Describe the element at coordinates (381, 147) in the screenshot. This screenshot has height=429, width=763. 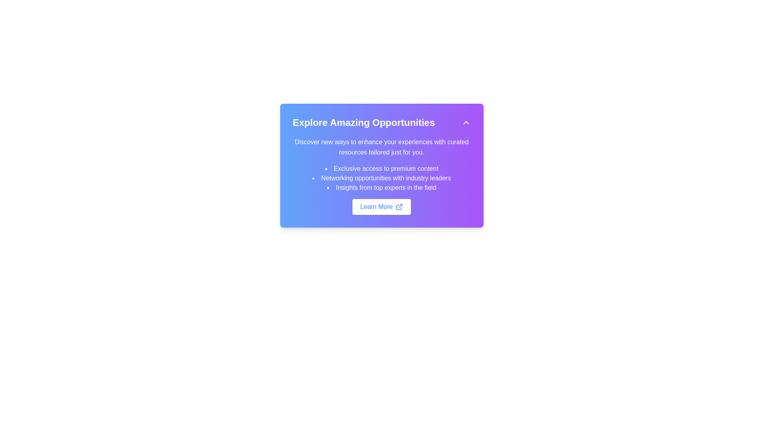
I see `the introductory text element that provides context directly below the heading 'Explore Amazing Opportunities'` at that location.